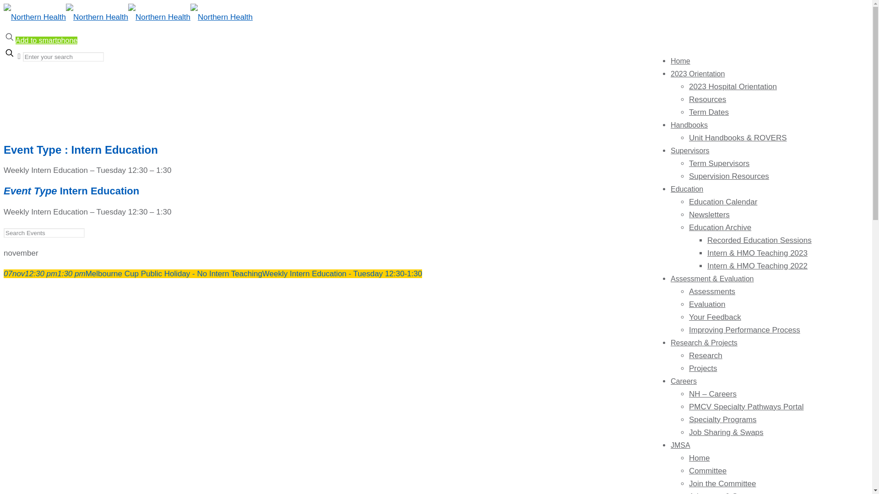 This screenshot has height=494, width=879. What do you see at coordinates (684, 381) in the screenshot?
I see `'Careers'` at bounding box center [684, 381].